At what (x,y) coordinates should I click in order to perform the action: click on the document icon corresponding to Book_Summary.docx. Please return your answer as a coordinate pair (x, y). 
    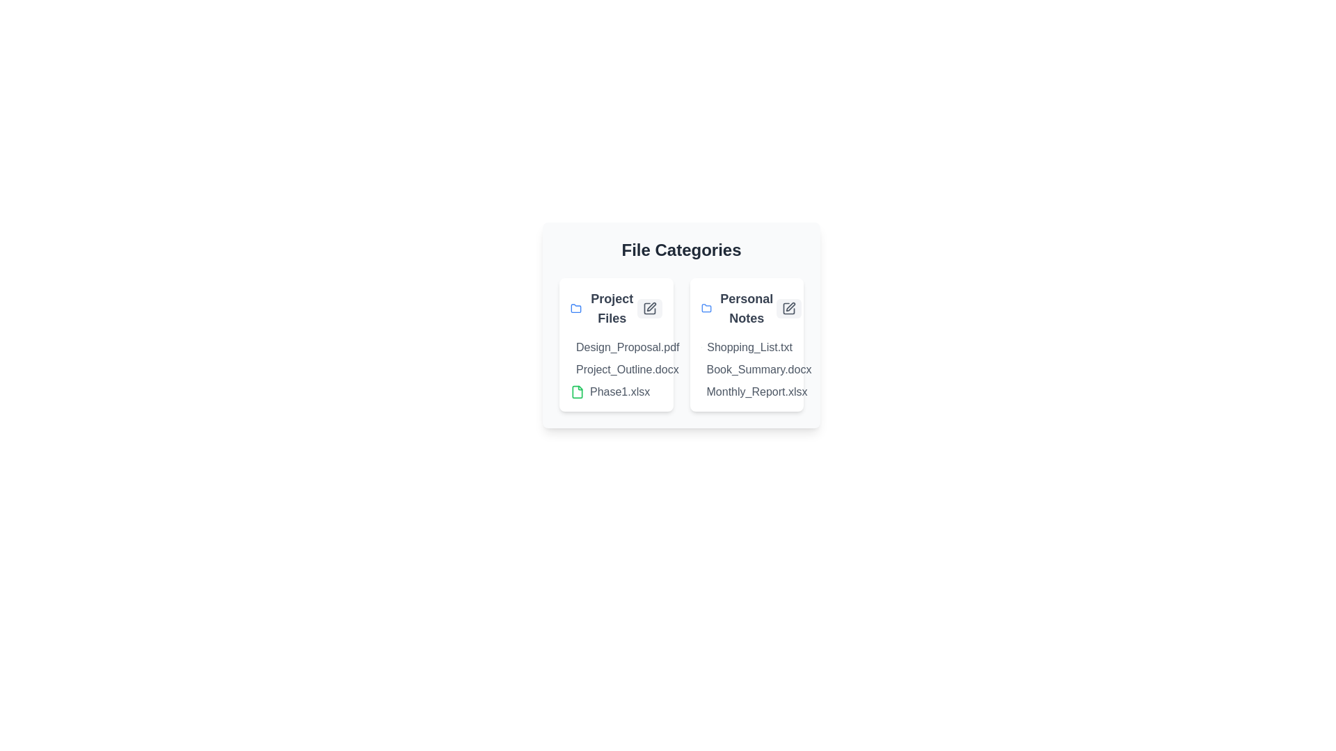
    Looking at the image, I should click on (706, 369).